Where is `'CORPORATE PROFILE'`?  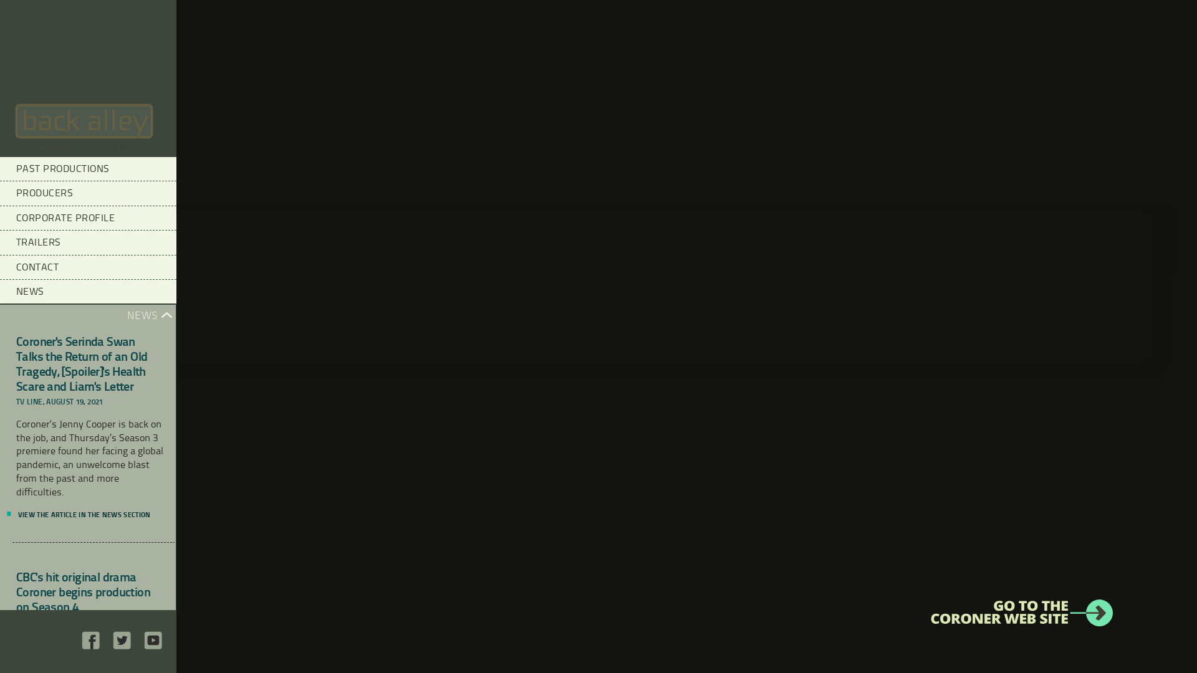
'CORPORATE PROFILE' is located at coordinates (87, 217).